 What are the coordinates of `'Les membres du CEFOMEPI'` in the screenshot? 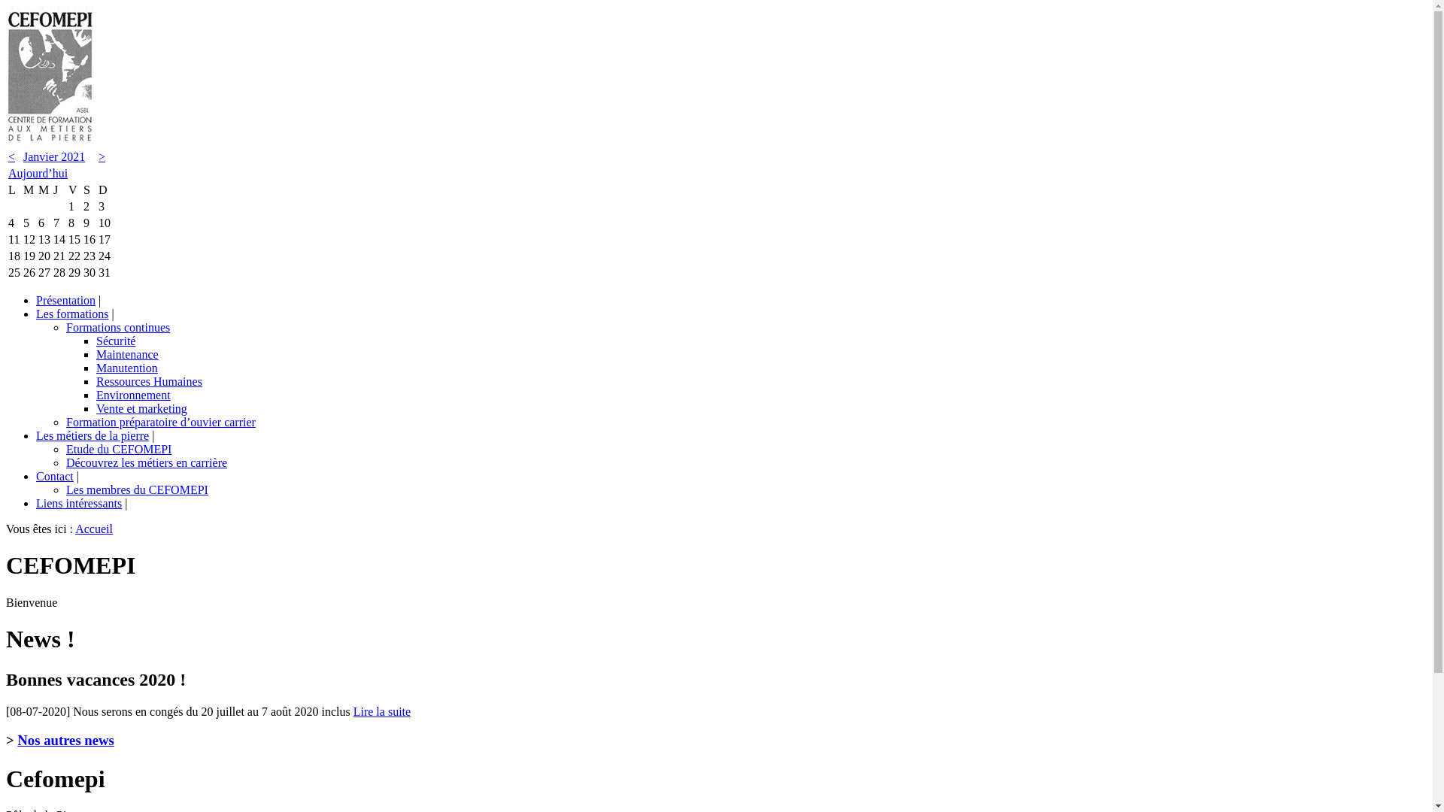 It's located at (137, 489).